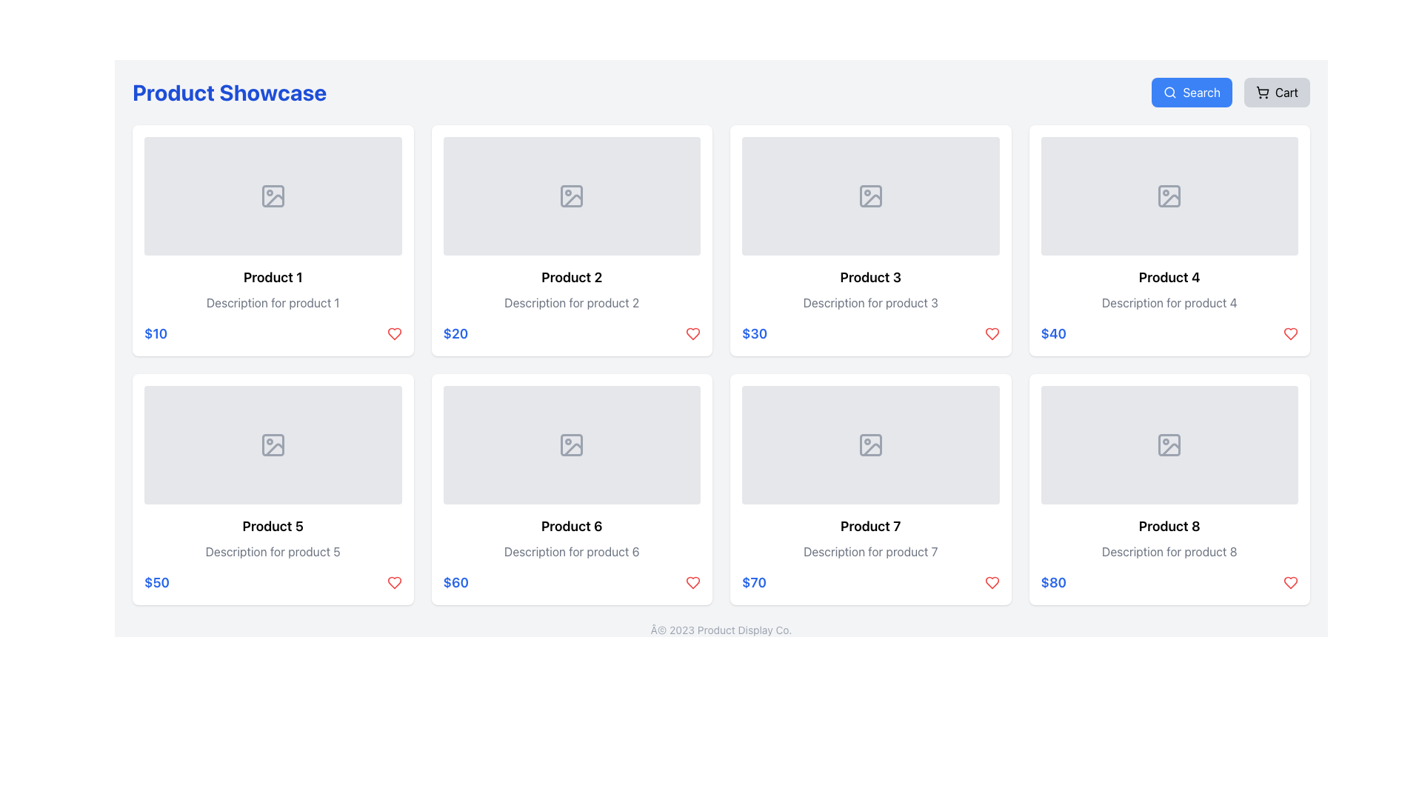  What do you see at coordinates (870, 301) in the screenshot?
I see `description text block located below the title 'Product 3' and above the price label in the product card` at bounding box center [870, 301].